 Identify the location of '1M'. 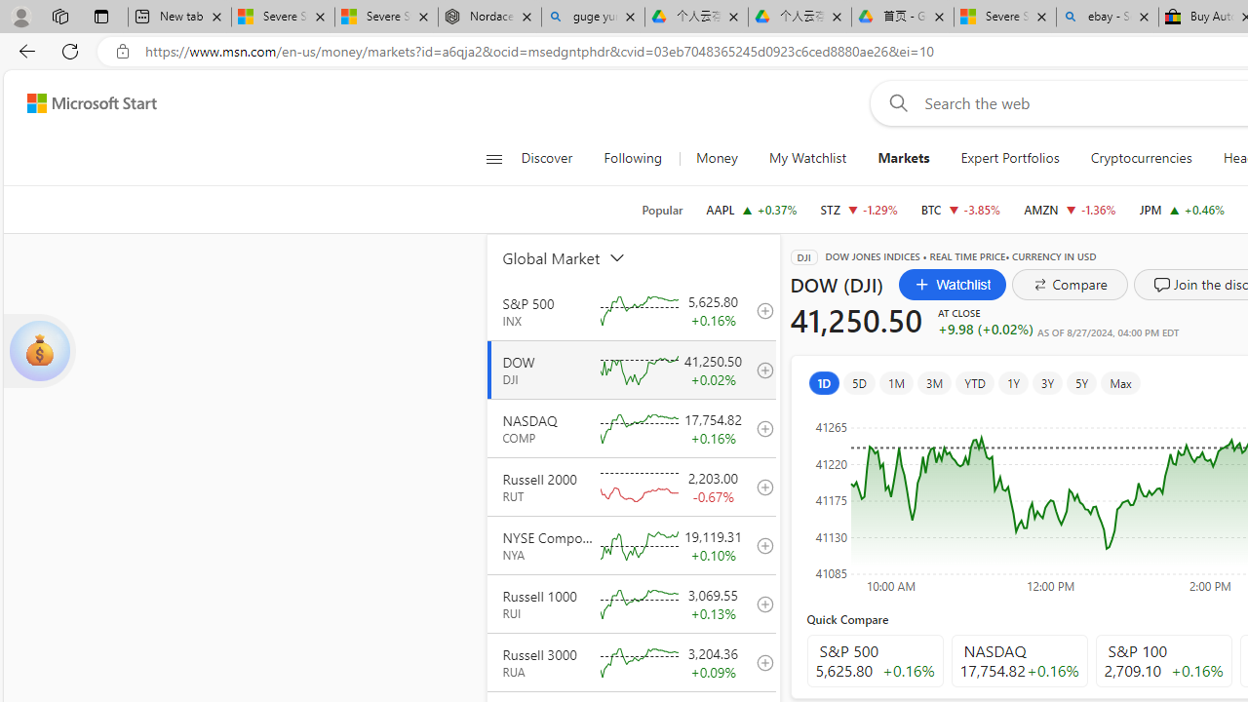
(895, 382).